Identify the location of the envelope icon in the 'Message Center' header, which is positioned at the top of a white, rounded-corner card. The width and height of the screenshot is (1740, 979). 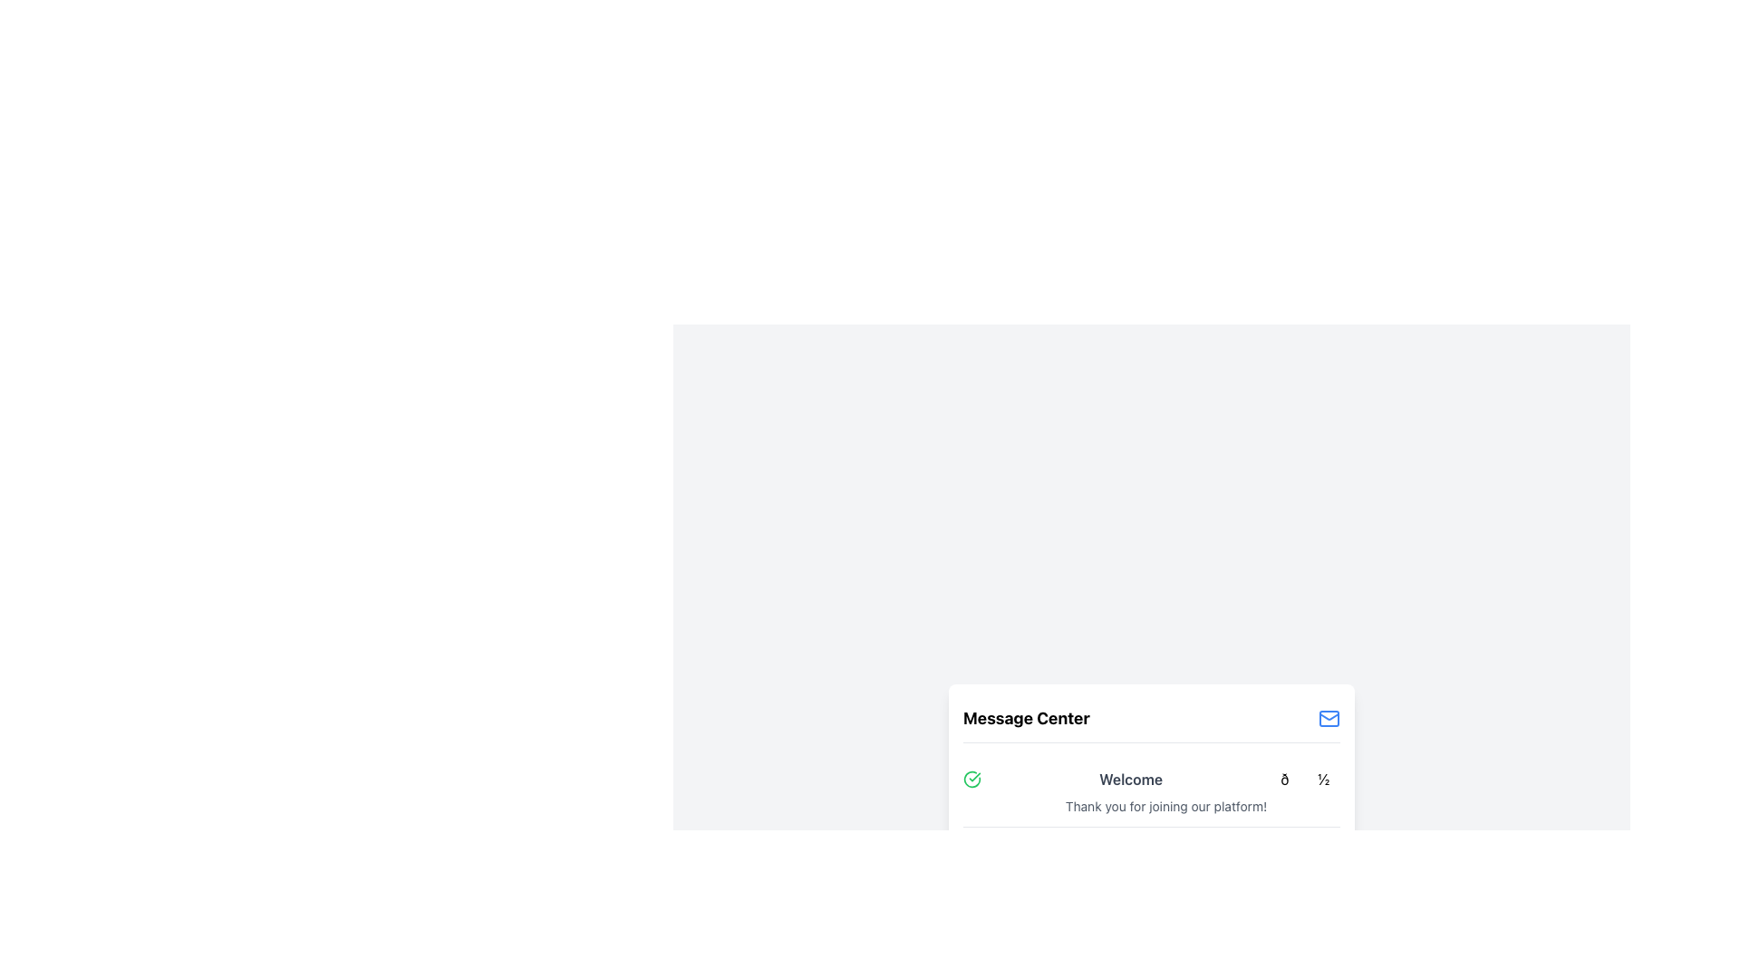
(1151, 722).